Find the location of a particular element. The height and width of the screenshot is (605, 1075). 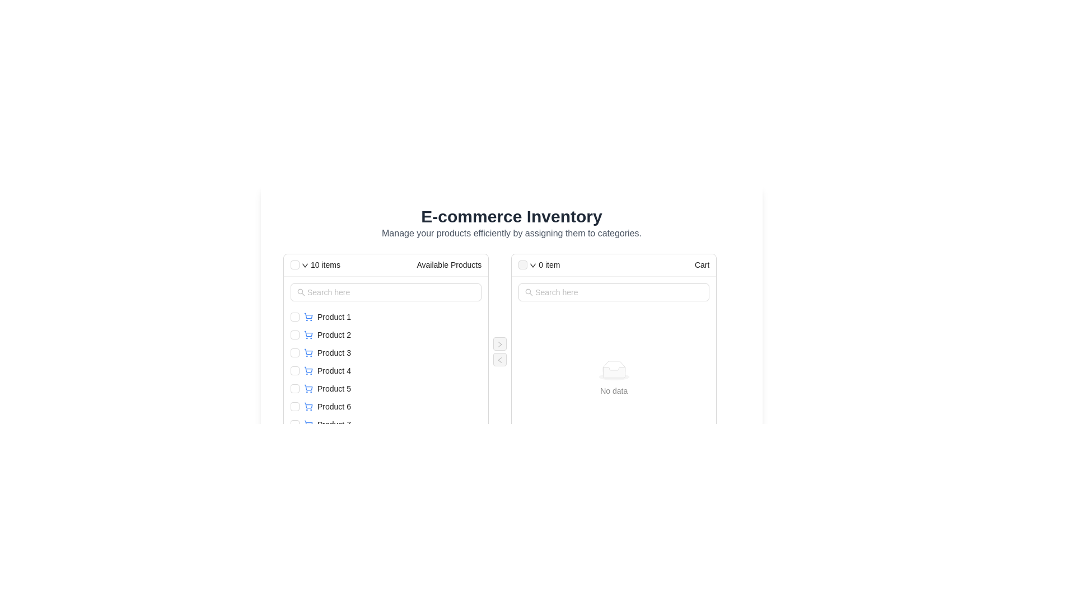

the shopping cart icon, which is a central component of the cart's body within an SVG graphic, located between two circles that represent the cart's wheels is located at coordinates (309, 351).